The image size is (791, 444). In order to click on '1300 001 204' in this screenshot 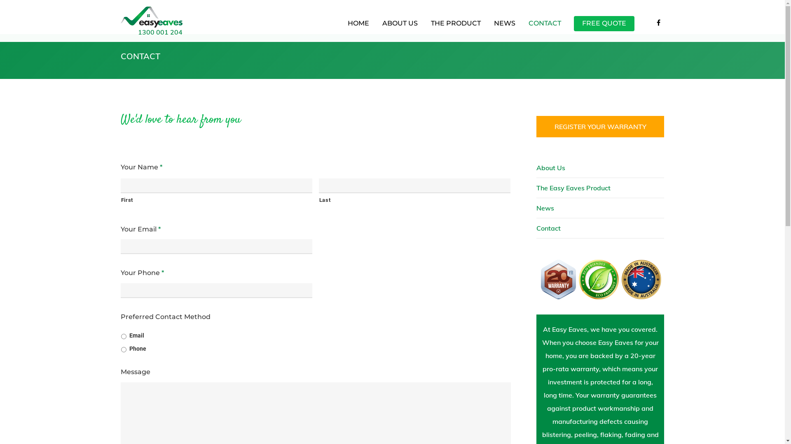, I will do `click(138, 31)`.